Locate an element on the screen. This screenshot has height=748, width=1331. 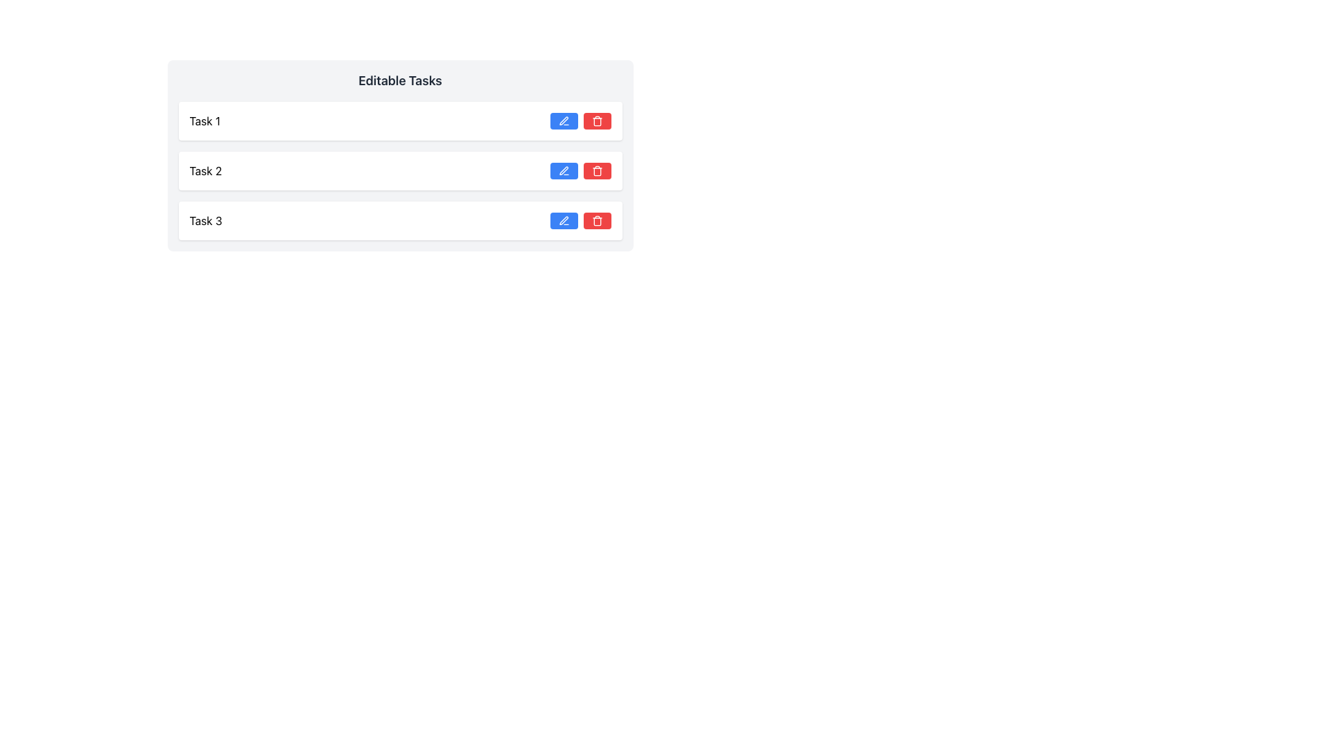
the first button located in the horizontal group of buttons on the right side of the 'Editable Tasks' section is located at coordinates (564, 120).